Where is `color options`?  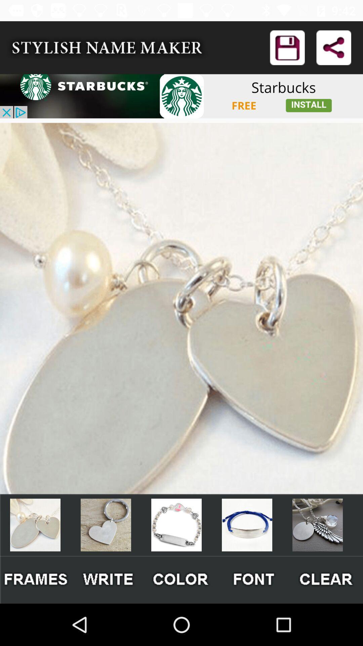 color options is located at coordinates (181, 579).